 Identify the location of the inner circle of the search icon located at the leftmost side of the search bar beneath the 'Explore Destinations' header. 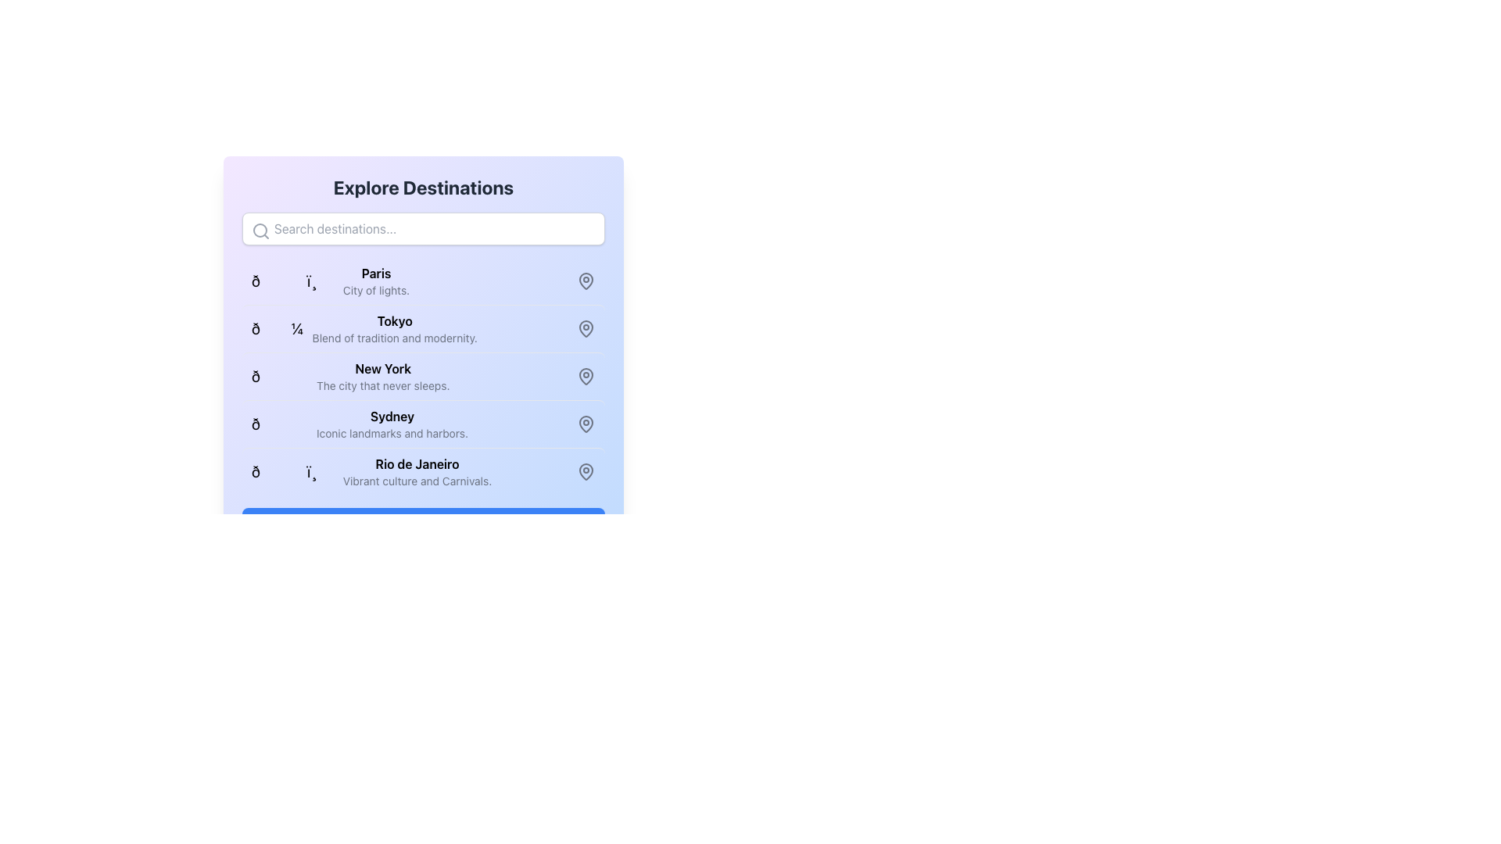
(260, 230).